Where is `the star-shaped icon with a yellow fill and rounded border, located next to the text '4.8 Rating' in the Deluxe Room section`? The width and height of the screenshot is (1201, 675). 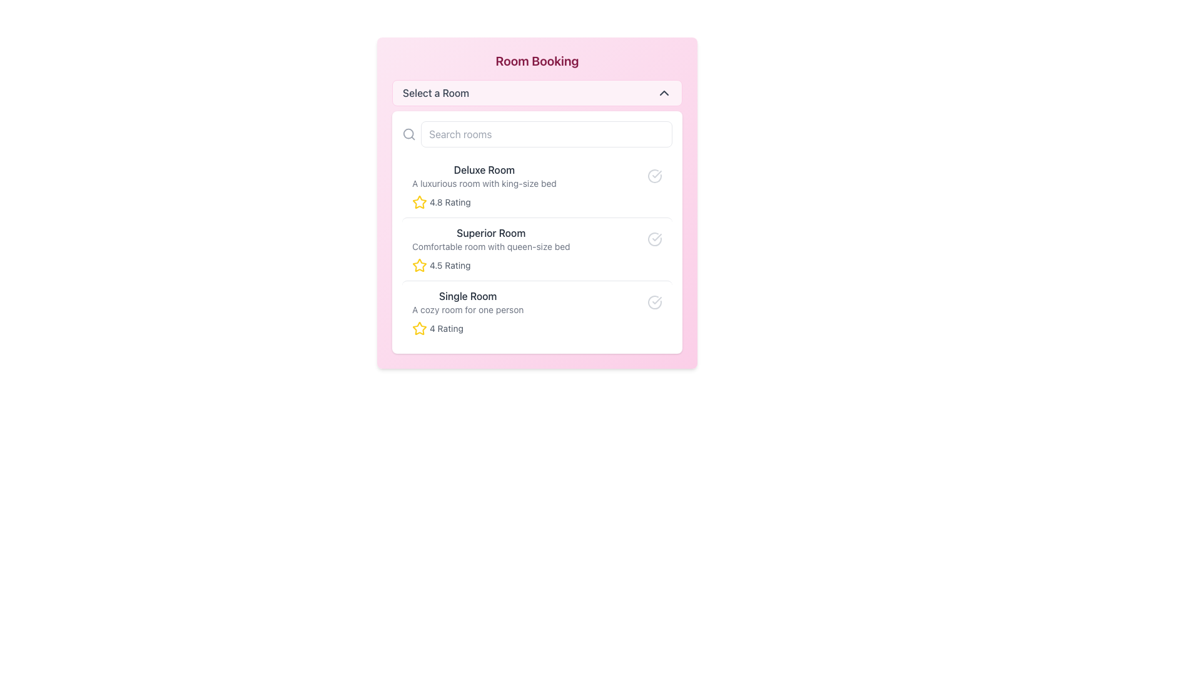
the star-shaped icon with a yellow fill and rounded border, located next to the text '4.8 Rating' in the Deluxe Room section is located at coordinates (420, 202).